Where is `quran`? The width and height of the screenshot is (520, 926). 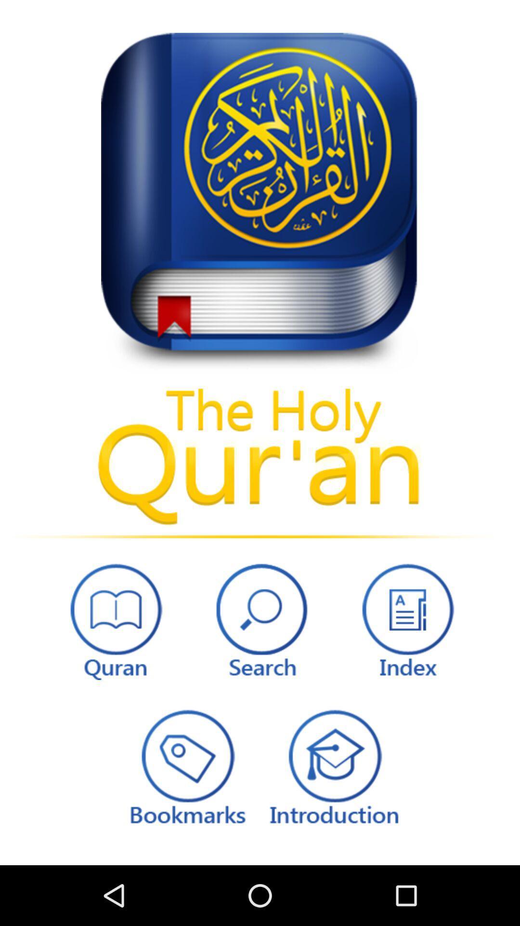
quran is located at coordinates (113, 619).